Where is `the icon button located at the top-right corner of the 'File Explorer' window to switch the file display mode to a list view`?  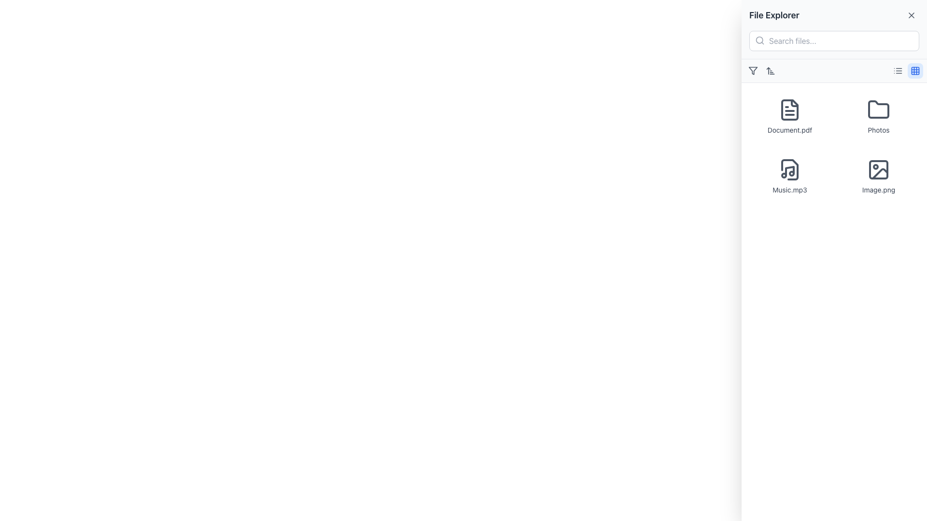
the icon button located at the top-right corner of the 'File Explorer' window to switch the file display mode to a list view is located at coordinates (898, 70).